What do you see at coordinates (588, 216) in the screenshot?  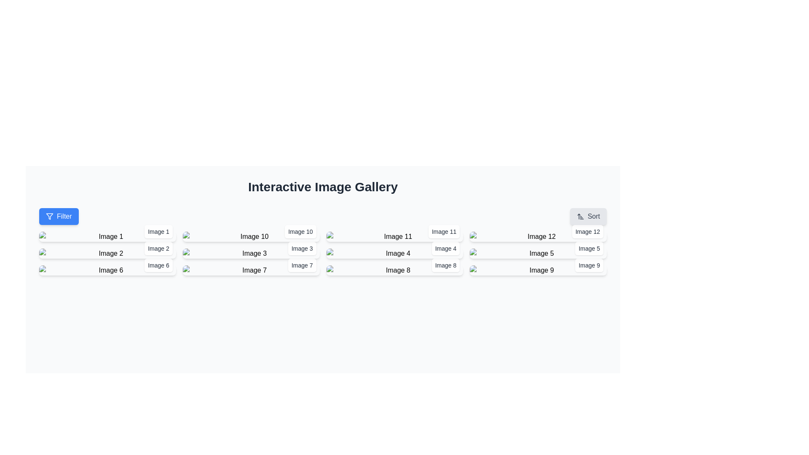 I see `the 'Sort' button, which is the last button on the right of the 'Interactive Image Gallery' interface, featuring a vertical bar and arrow icon` at bounding box center [588, 216].